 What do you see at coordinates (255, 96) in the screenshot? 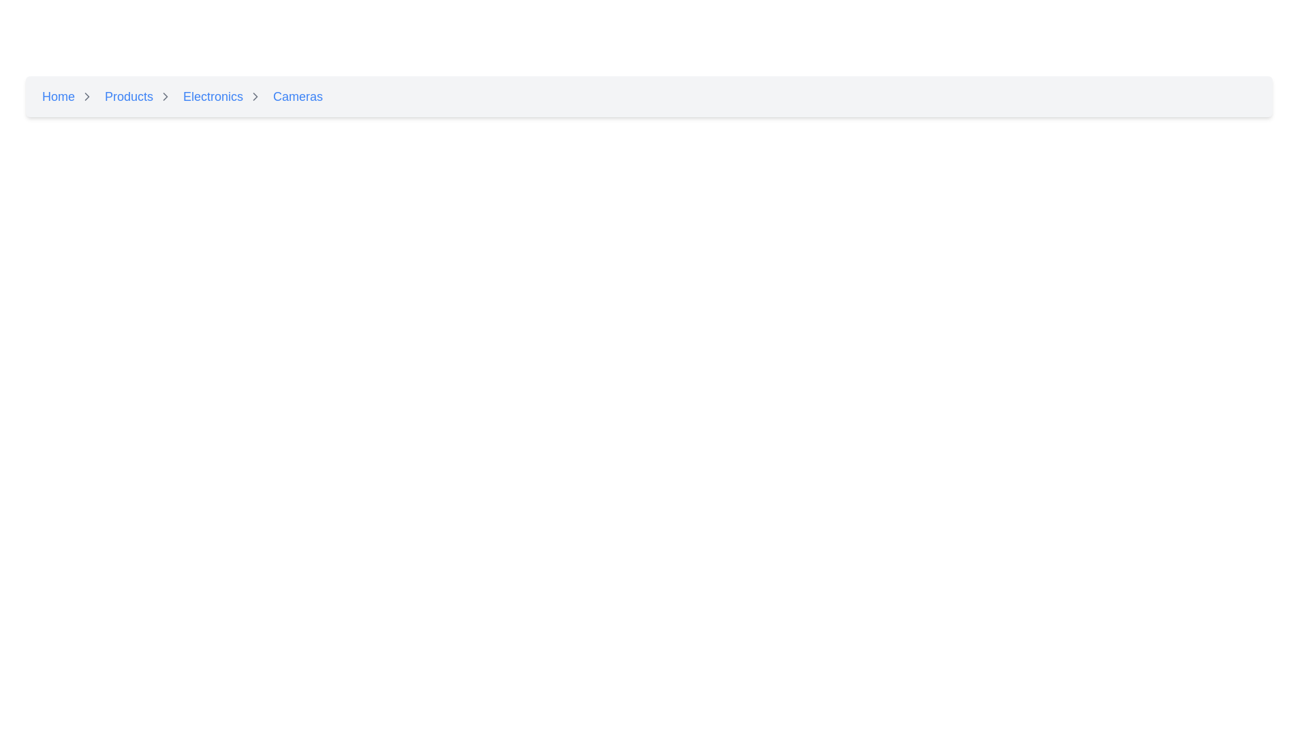
I see `the rightward-pointing chevron arrow icon in the breadcrumb navigation bar, which is styled in gray and serves as a visual delimiter between 'Electronics' and 'Cameras'` at bounding box center [255, 96].